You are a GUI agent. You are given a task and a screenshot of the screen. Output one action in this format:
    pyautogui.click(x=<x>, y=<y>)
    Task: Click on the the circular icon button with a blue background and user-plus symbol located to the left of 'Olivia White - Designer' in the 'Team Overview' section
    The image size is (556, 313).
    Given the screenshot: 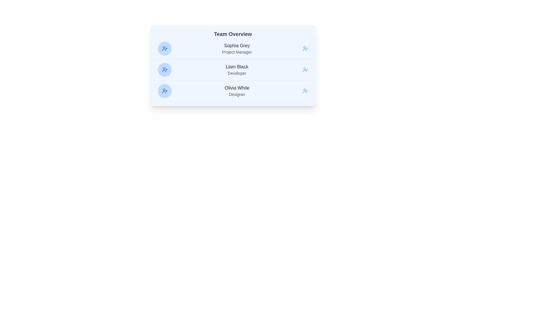 What is the action you would take?
    pyautogui.click(x=164, y=91)
    